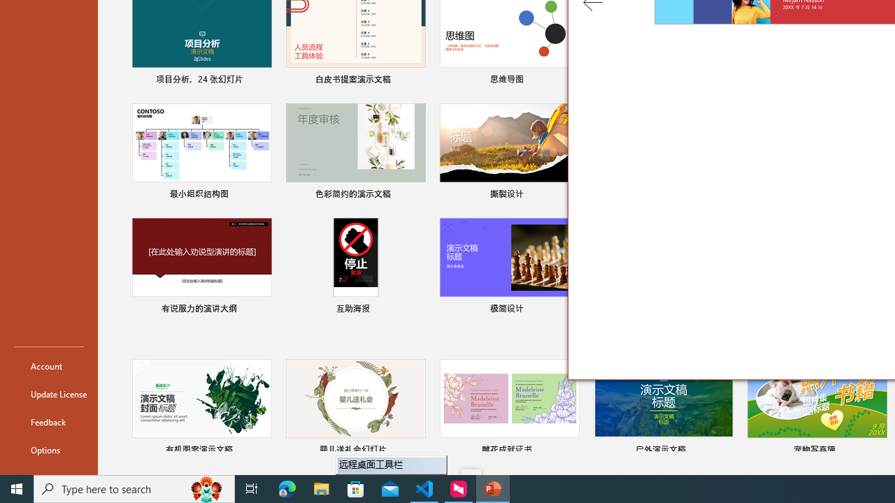 Image resolution: width=895 pixels, height=503 pixels. I want to click on 'Type here to search', so click(134, 488).